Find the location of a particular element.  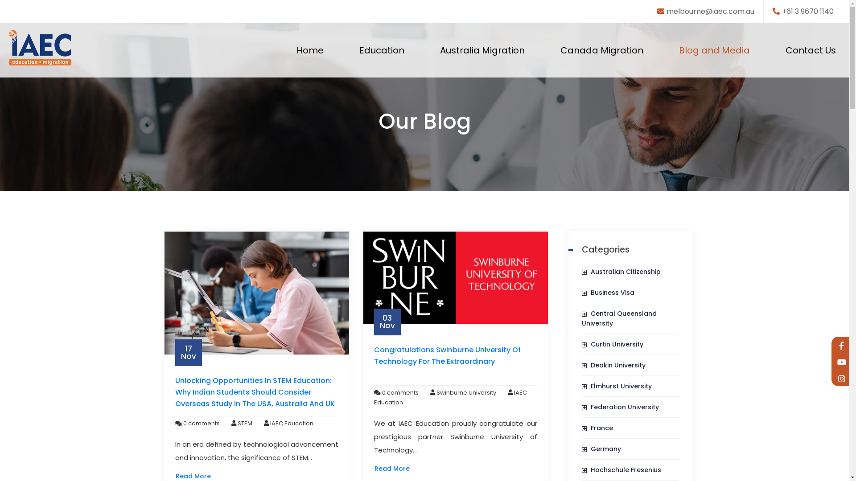

'+61 3 9670 1140' is located at coordinates (803, 11).